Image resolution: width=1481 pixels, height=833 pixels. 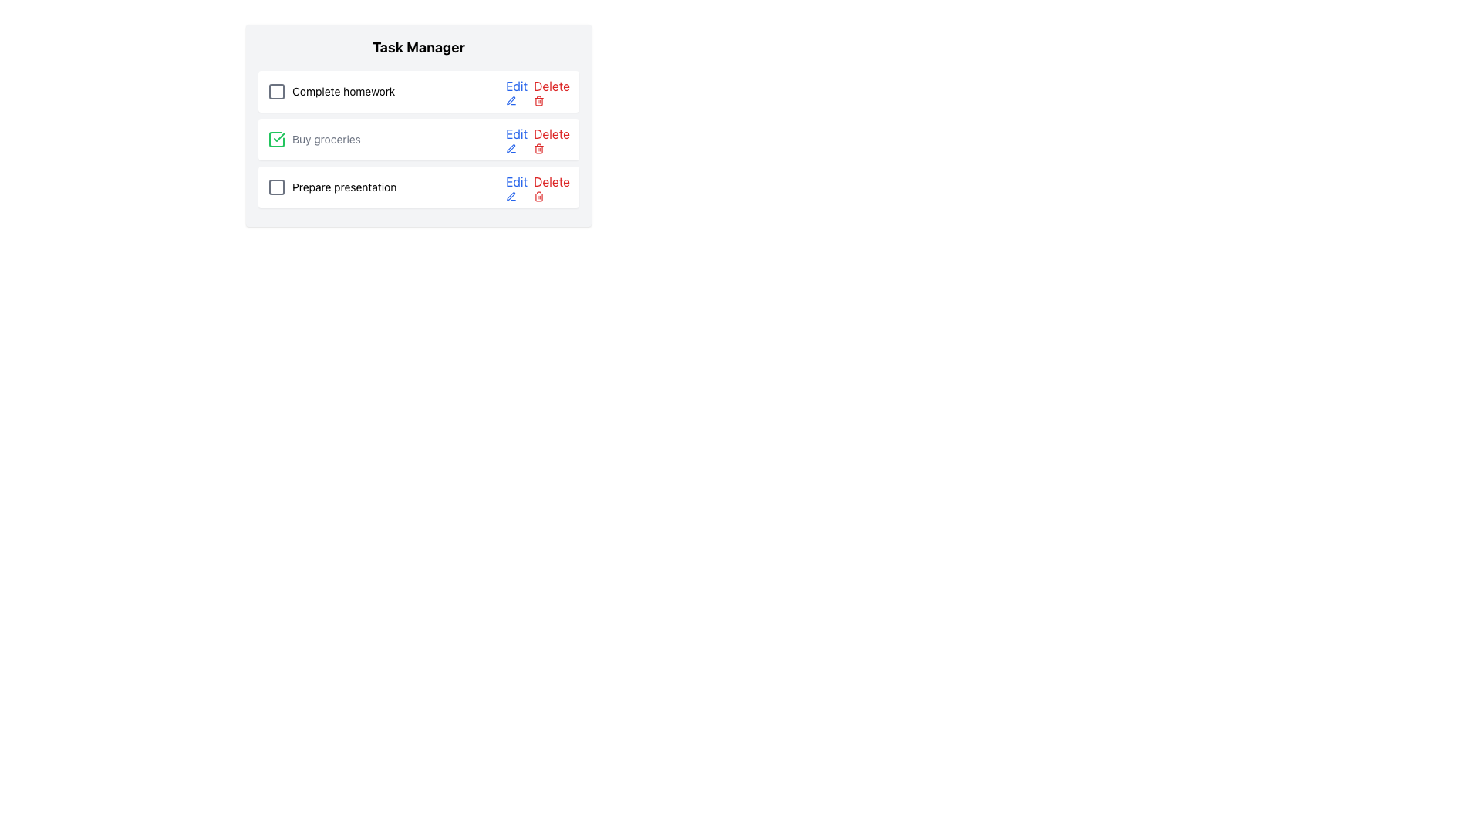 I want to click on the text label displaying 'Buy groceries', so click(x=313, y=140).